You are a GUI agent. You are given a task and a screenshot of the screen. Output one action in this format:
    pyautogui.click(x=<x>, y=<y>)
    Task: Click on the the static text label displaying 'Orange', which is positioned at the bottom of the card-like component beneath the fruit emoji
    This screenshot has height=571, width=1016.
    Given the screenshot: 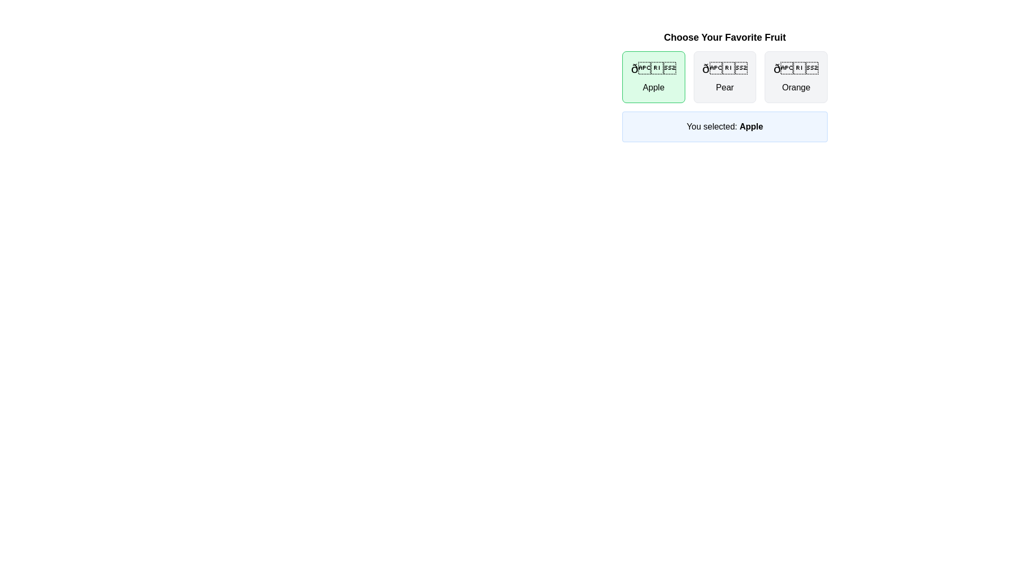 What is the action you would take?
    pyautogui.click(x=796, y=87)
    